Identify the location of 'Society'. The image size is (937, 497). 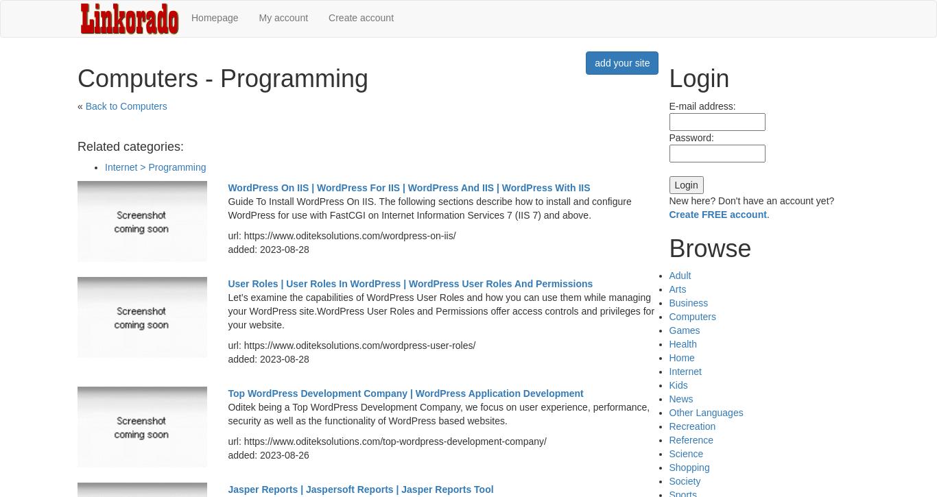
(684, 481).